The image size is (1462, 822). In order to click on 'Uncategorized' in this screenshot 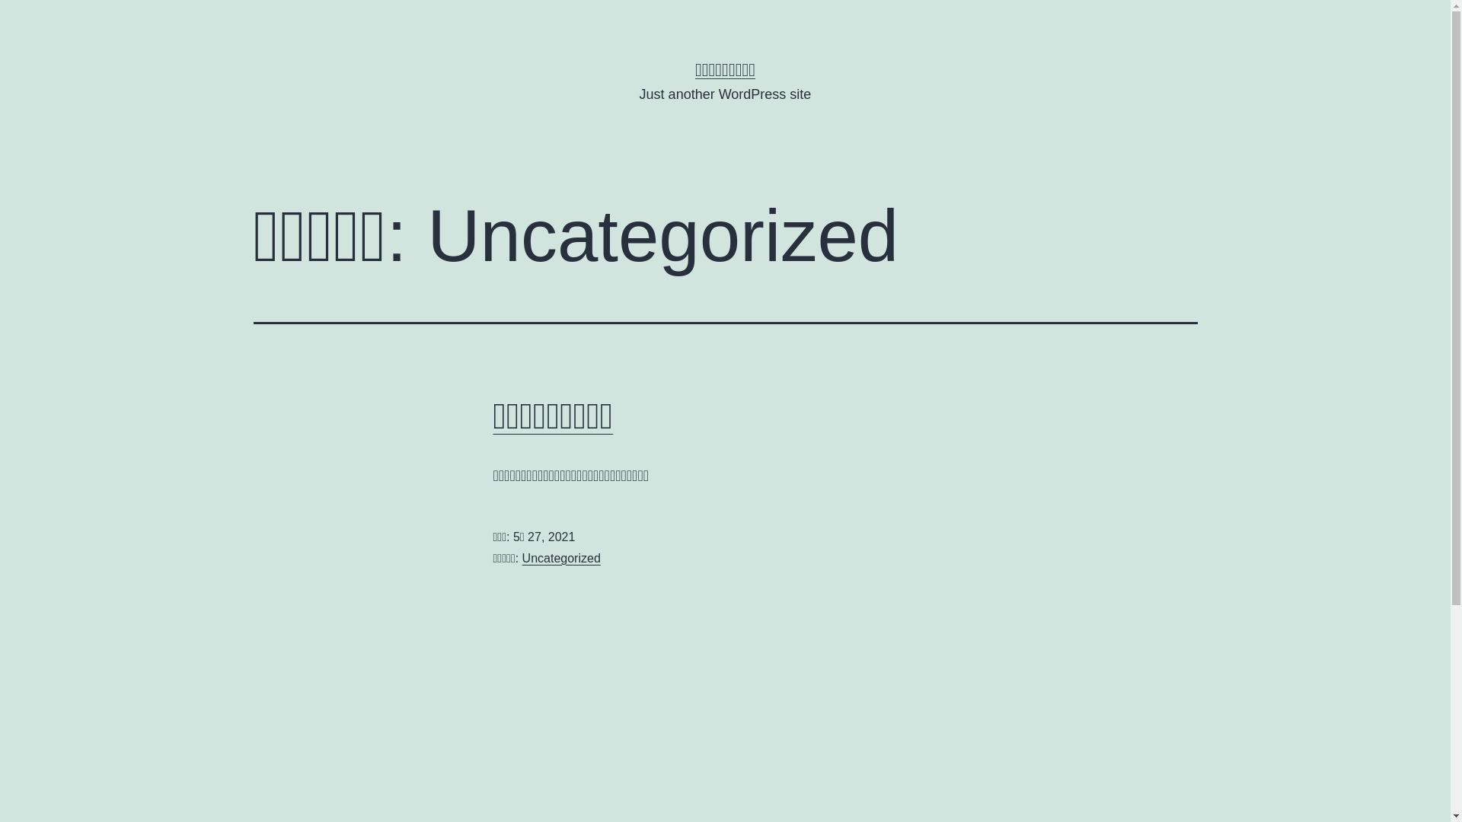, I will do `click(560, 558)`.